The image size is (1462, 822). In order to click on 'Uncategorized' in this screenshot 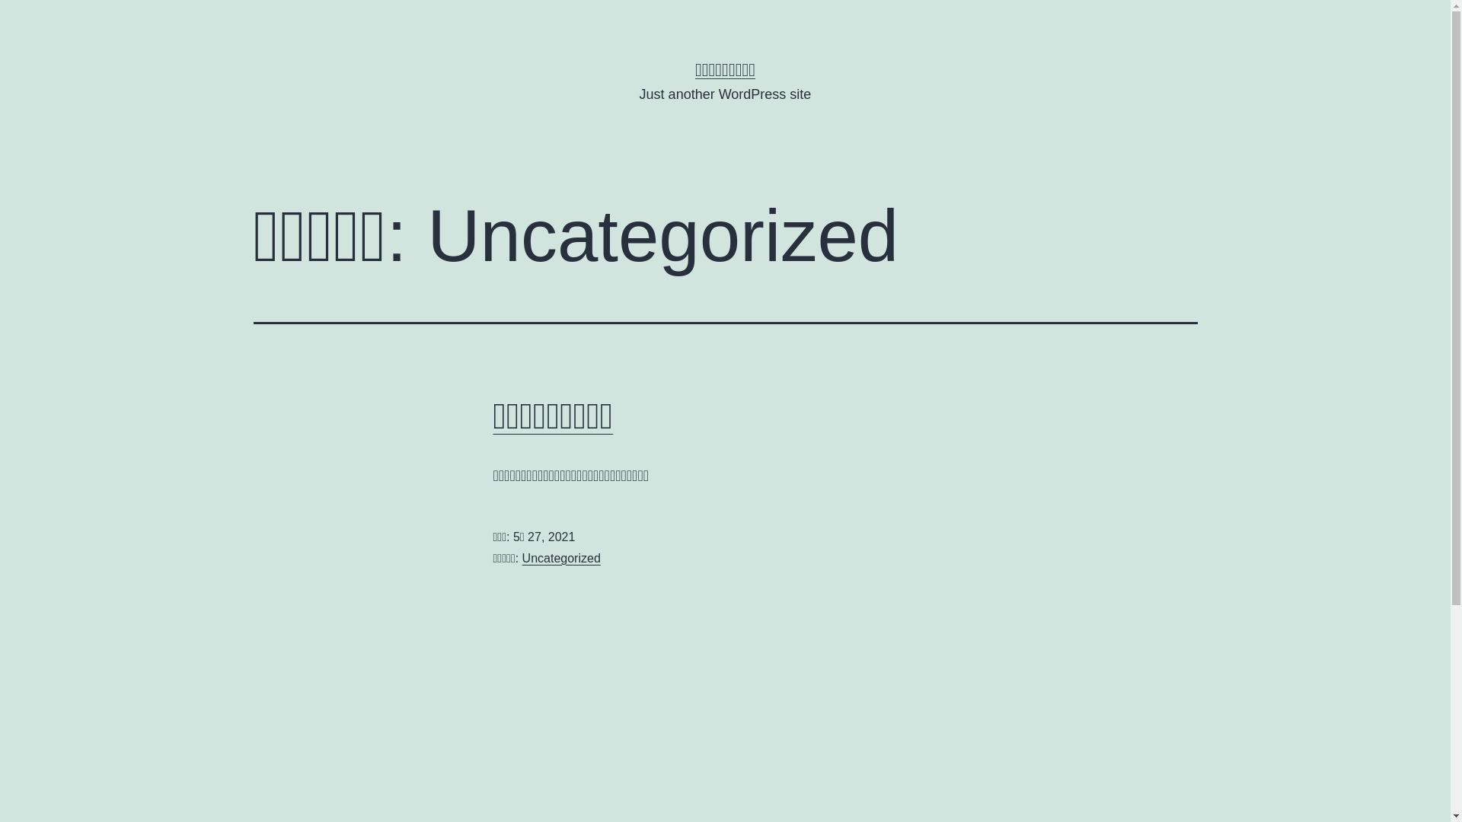, I will do `click(560, 558)`.